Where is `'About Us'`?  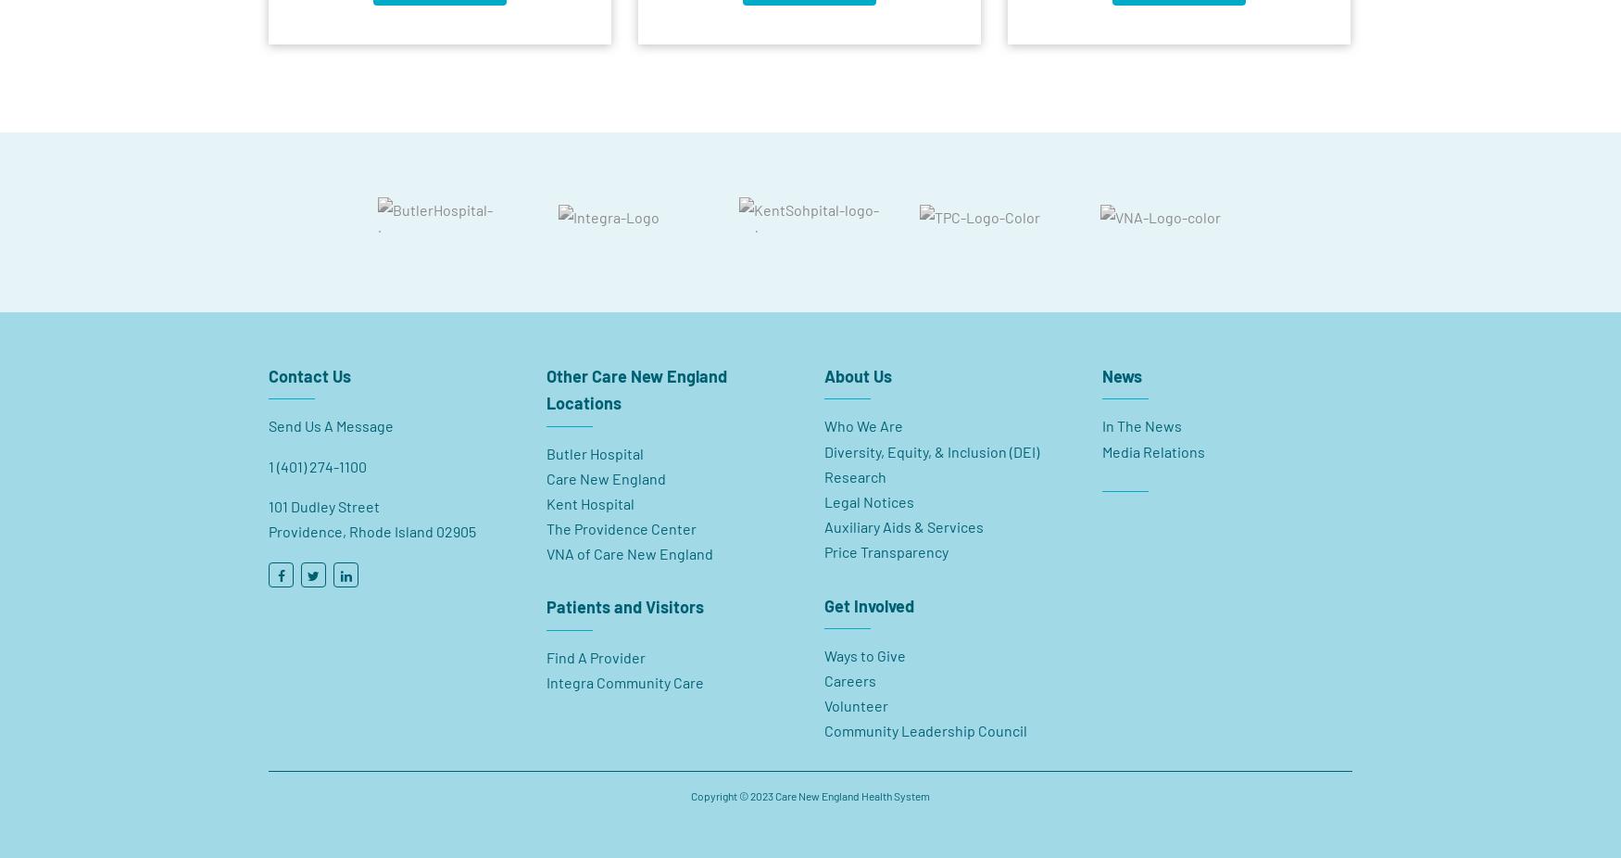
'About Us' is located at coordinates (823, 367).